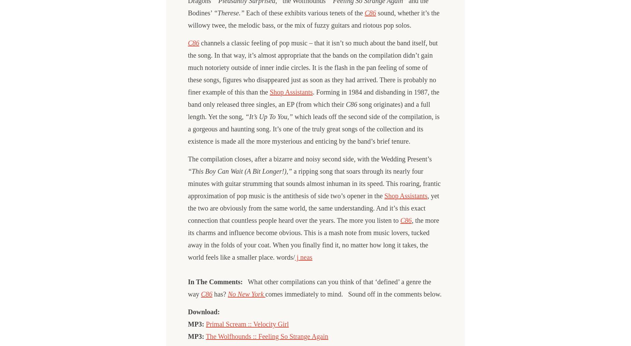  What do you see at coordinates (188, 129) in the screenshot?
I see `'which leads off the second side of the compilation, is a gorgeous and haunting song.  It’s one of the truly great songs of the collection and its existence is made all the more mysterious and enticing by the band’s brief tenure.'` at bounding box center [188, 129].